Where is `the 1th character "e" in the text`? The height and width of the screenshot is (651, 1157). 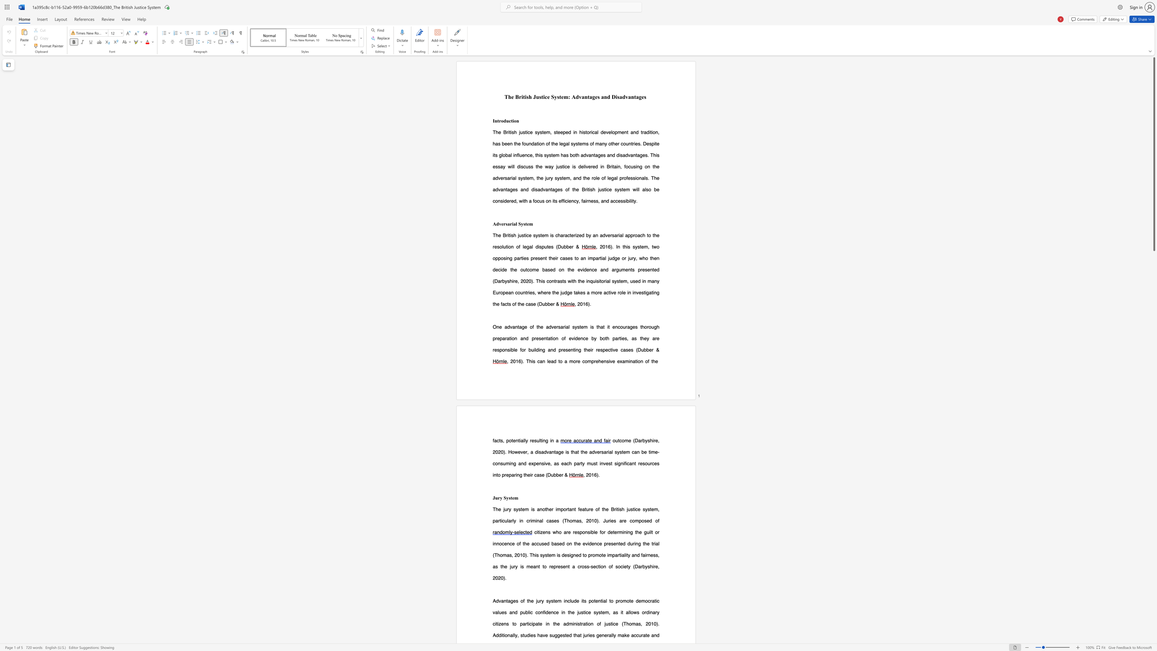 the 1th character "e" in the text is located at coordinates (650, 349).